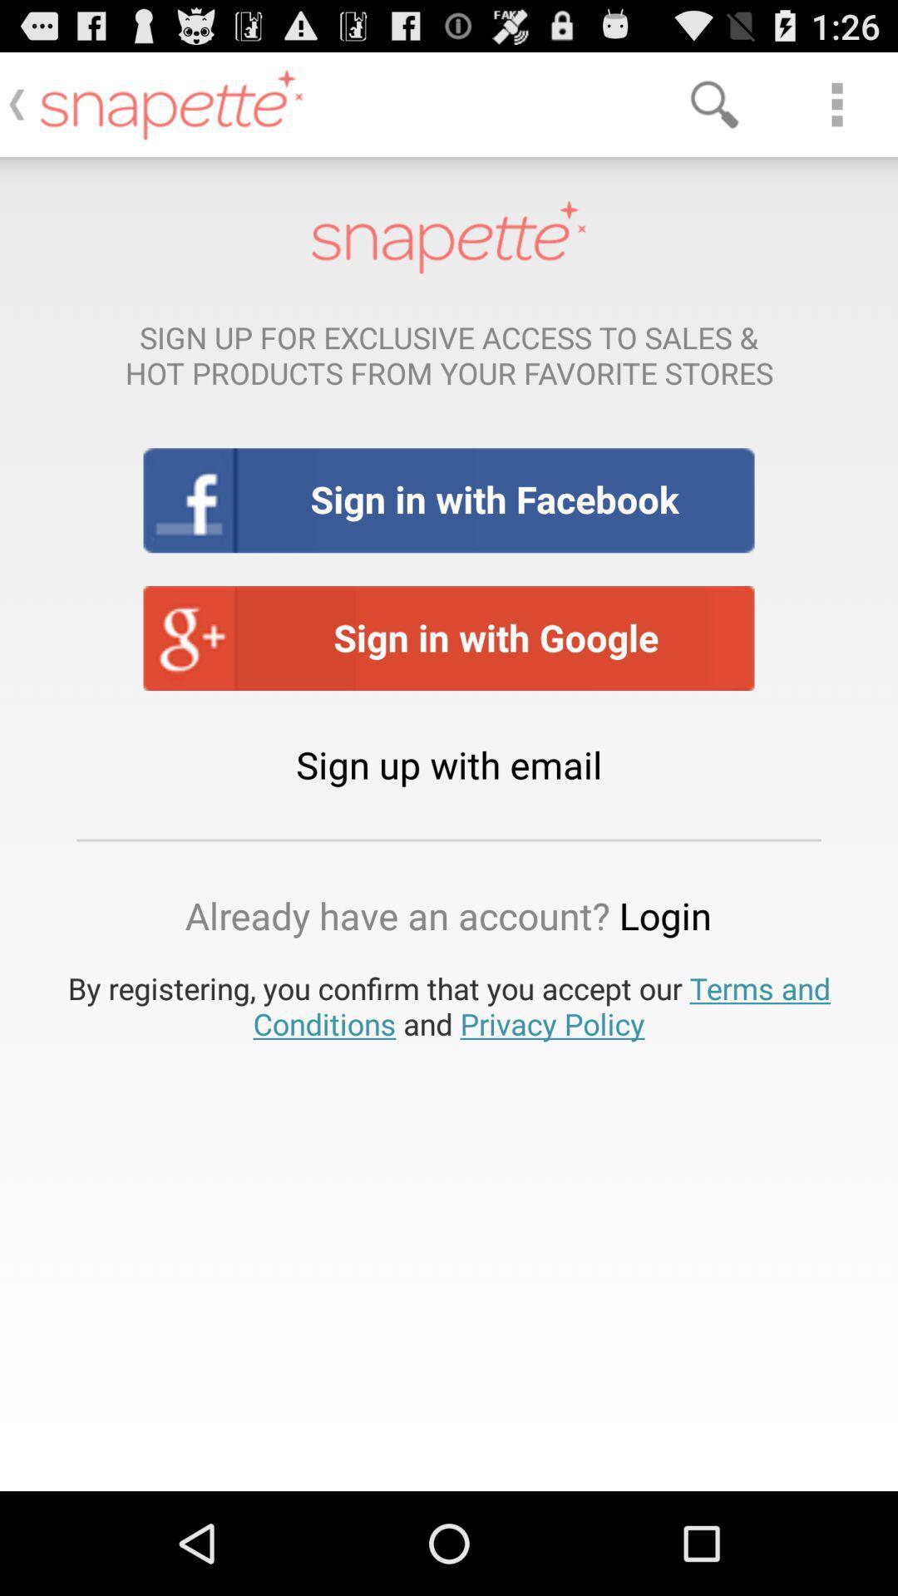 Image resolution: width=898 pixels, height=1596 pixels. I want to click on the item above sign up for, so click(713, 103).